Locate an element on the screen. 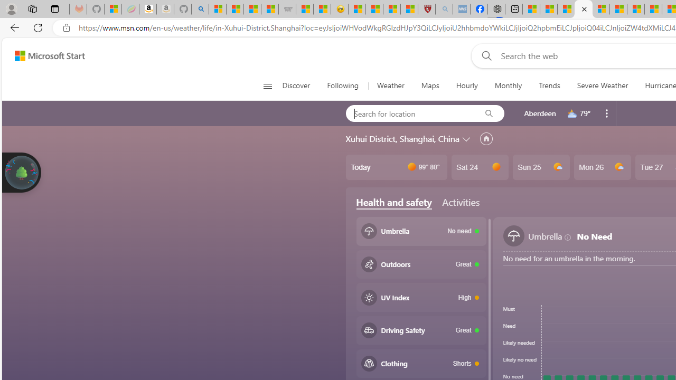 The image size is (676, 380). 'Change location' is located at coordinates (467, 138).